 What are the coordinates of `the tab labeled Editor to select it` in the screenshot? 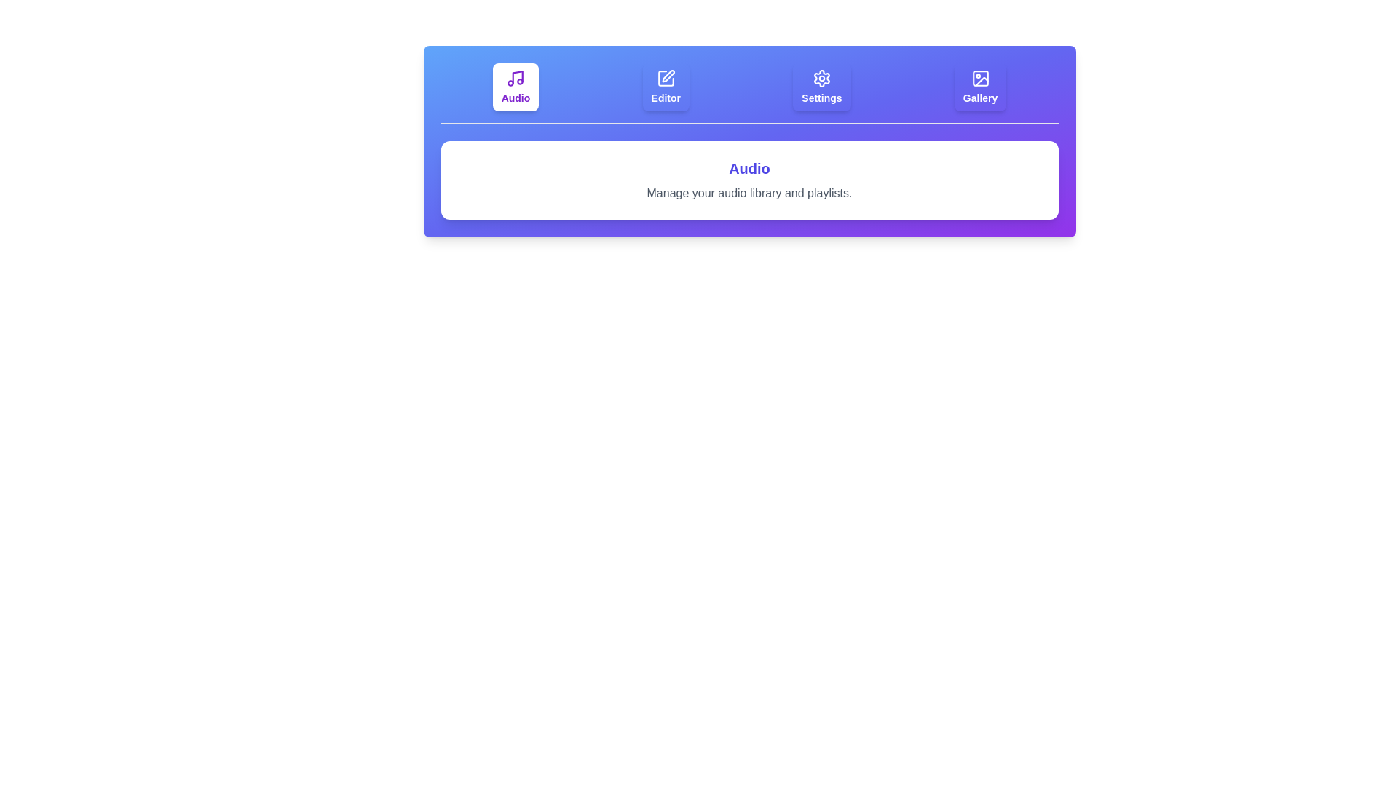 It's located at (664, 87).